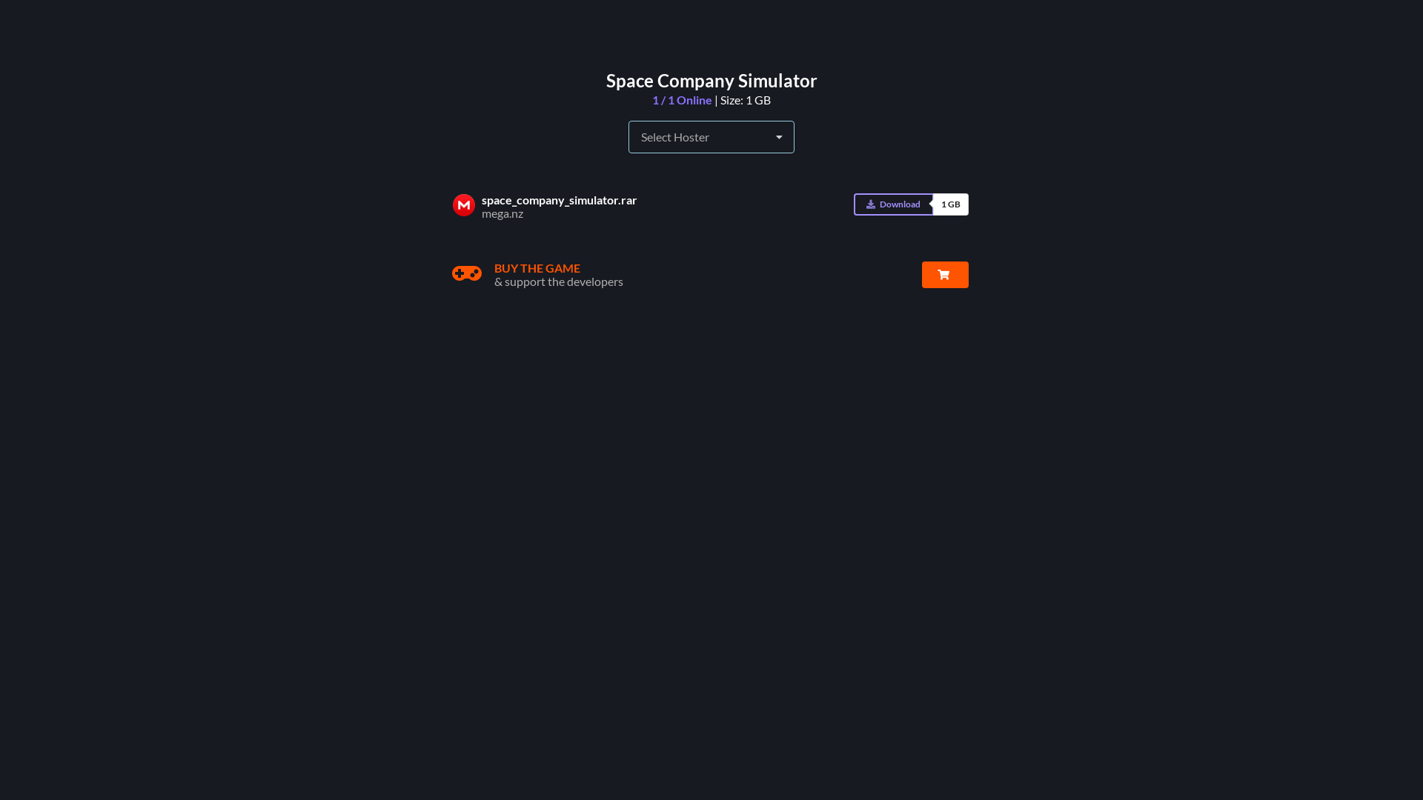 This screenshot has width=1423, height=800. What do you see at coordinates (892, 204) in the screenshot?
I see `'Download'` at bounding box center [892, 204].